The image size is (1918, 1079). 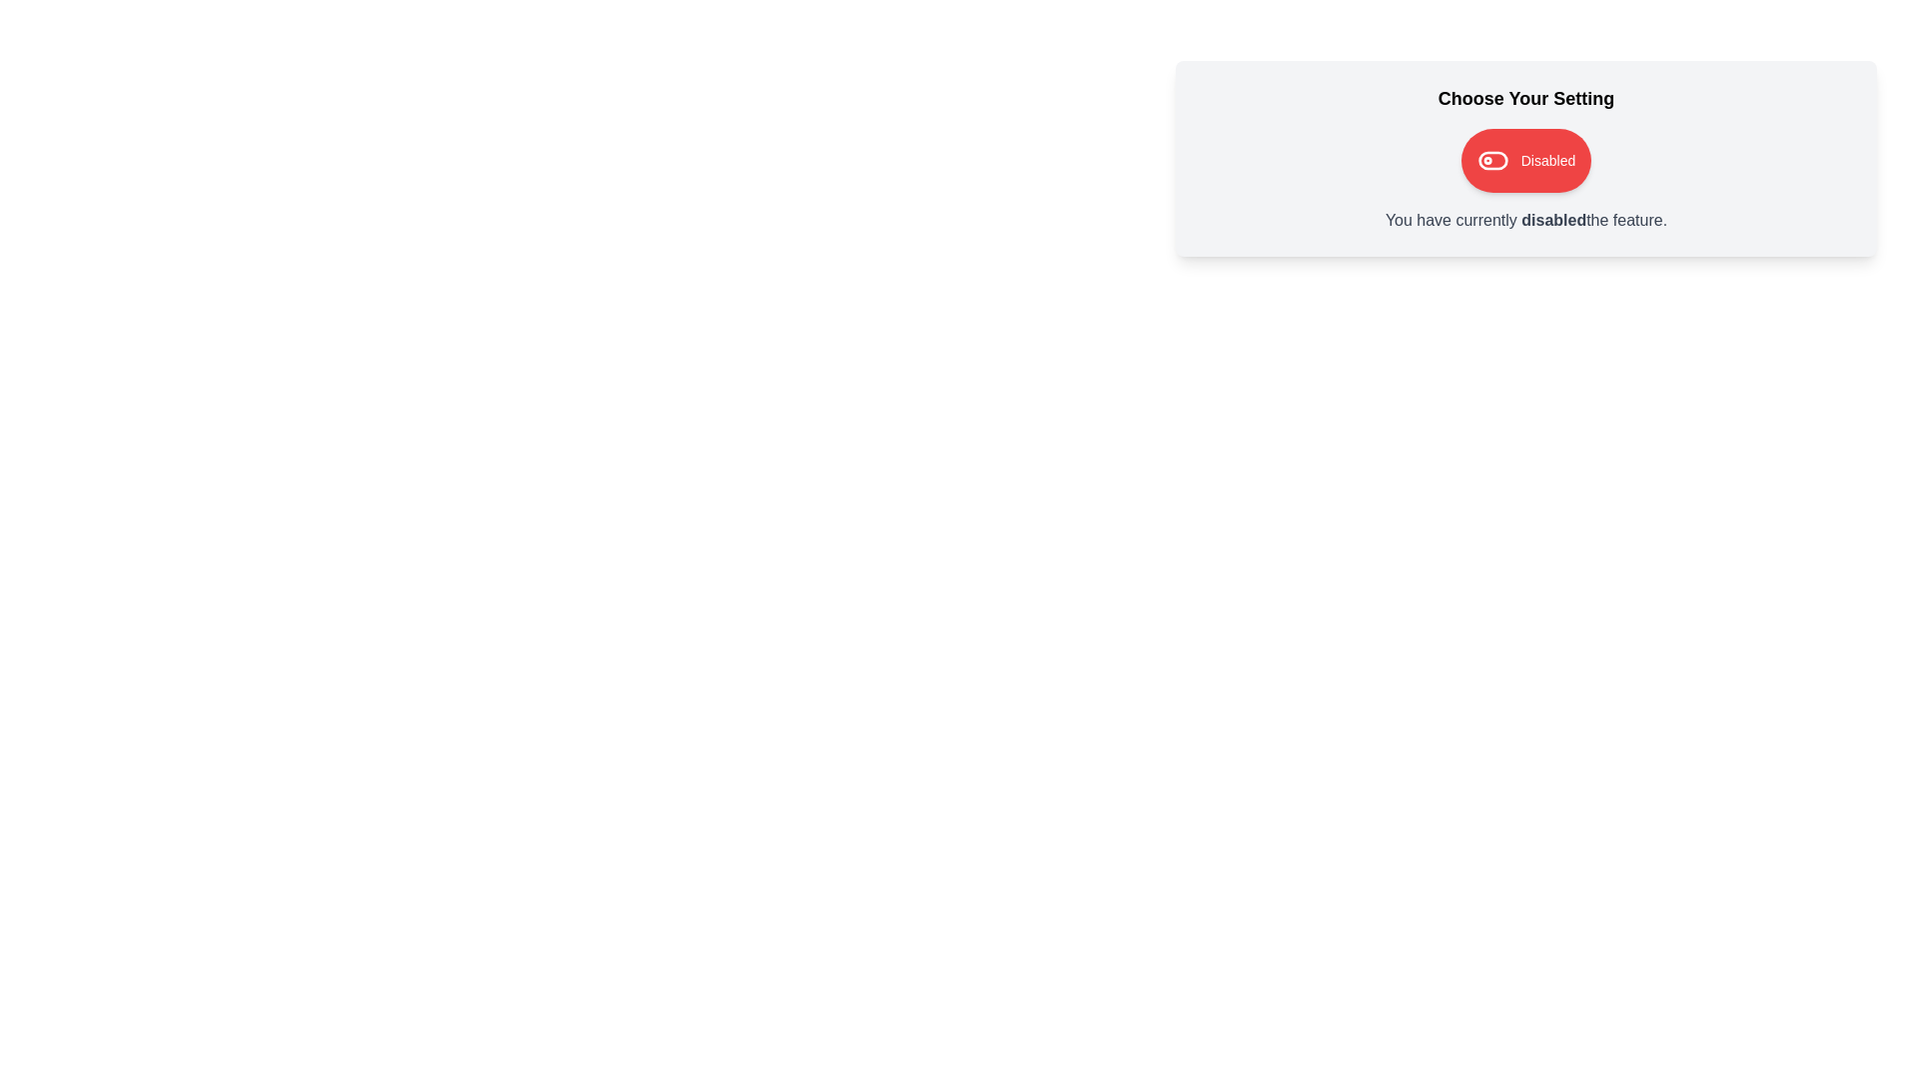 I want to click on the toggle button to change its state, so click(x=1524, y=160).